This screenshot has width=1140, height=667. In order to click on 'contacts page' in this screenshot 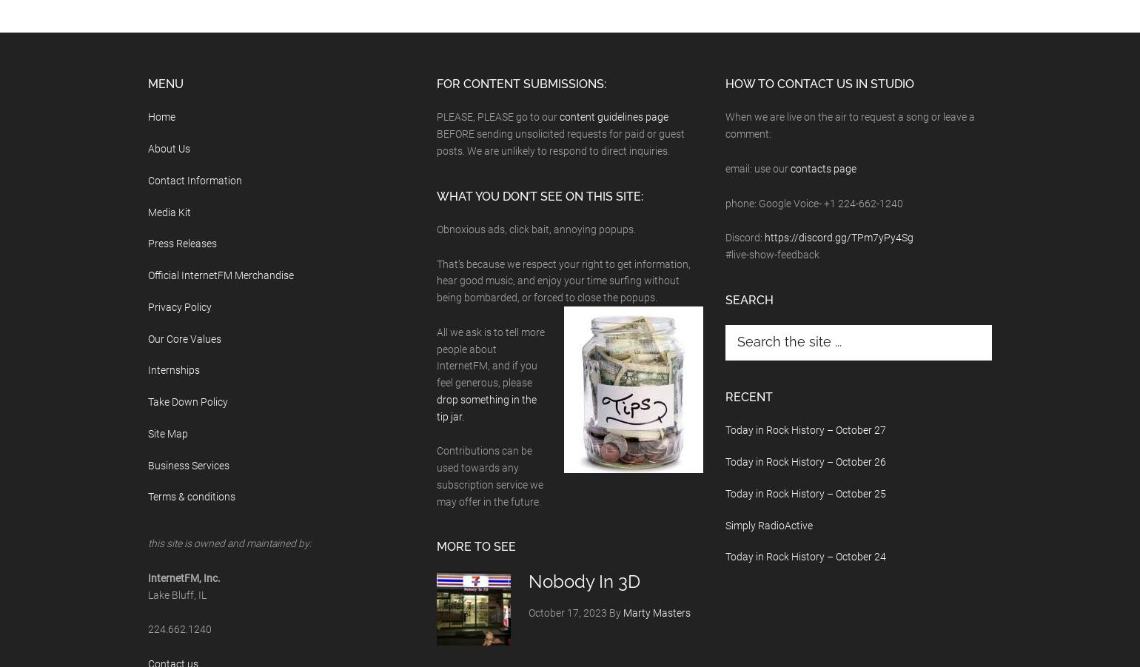, I will do `click(823, 167)`.